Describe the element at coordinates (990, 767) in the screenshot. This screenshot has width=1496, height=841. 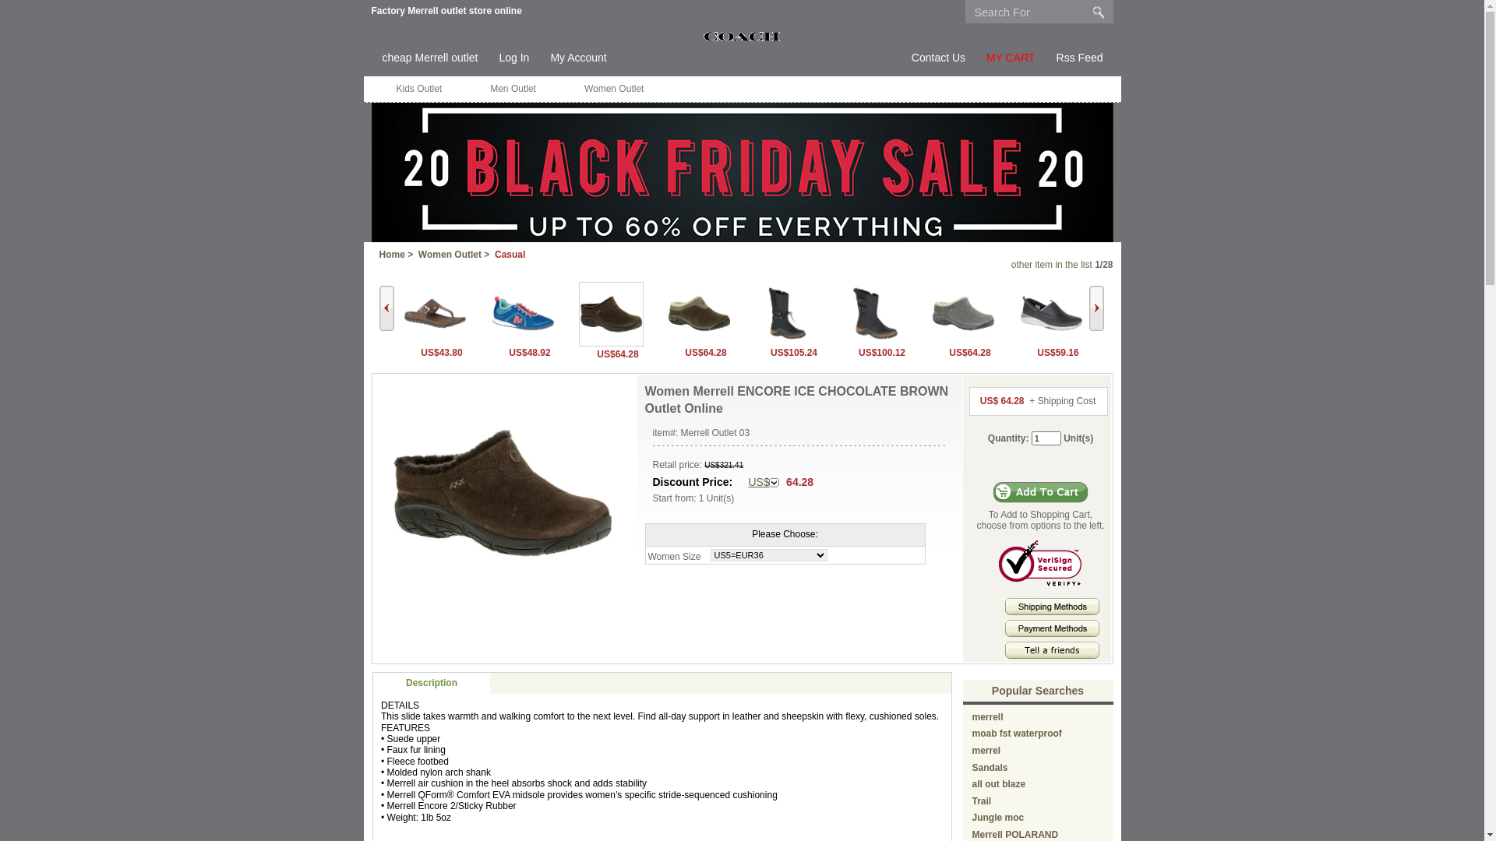
I see `'Sandals'` at that location.